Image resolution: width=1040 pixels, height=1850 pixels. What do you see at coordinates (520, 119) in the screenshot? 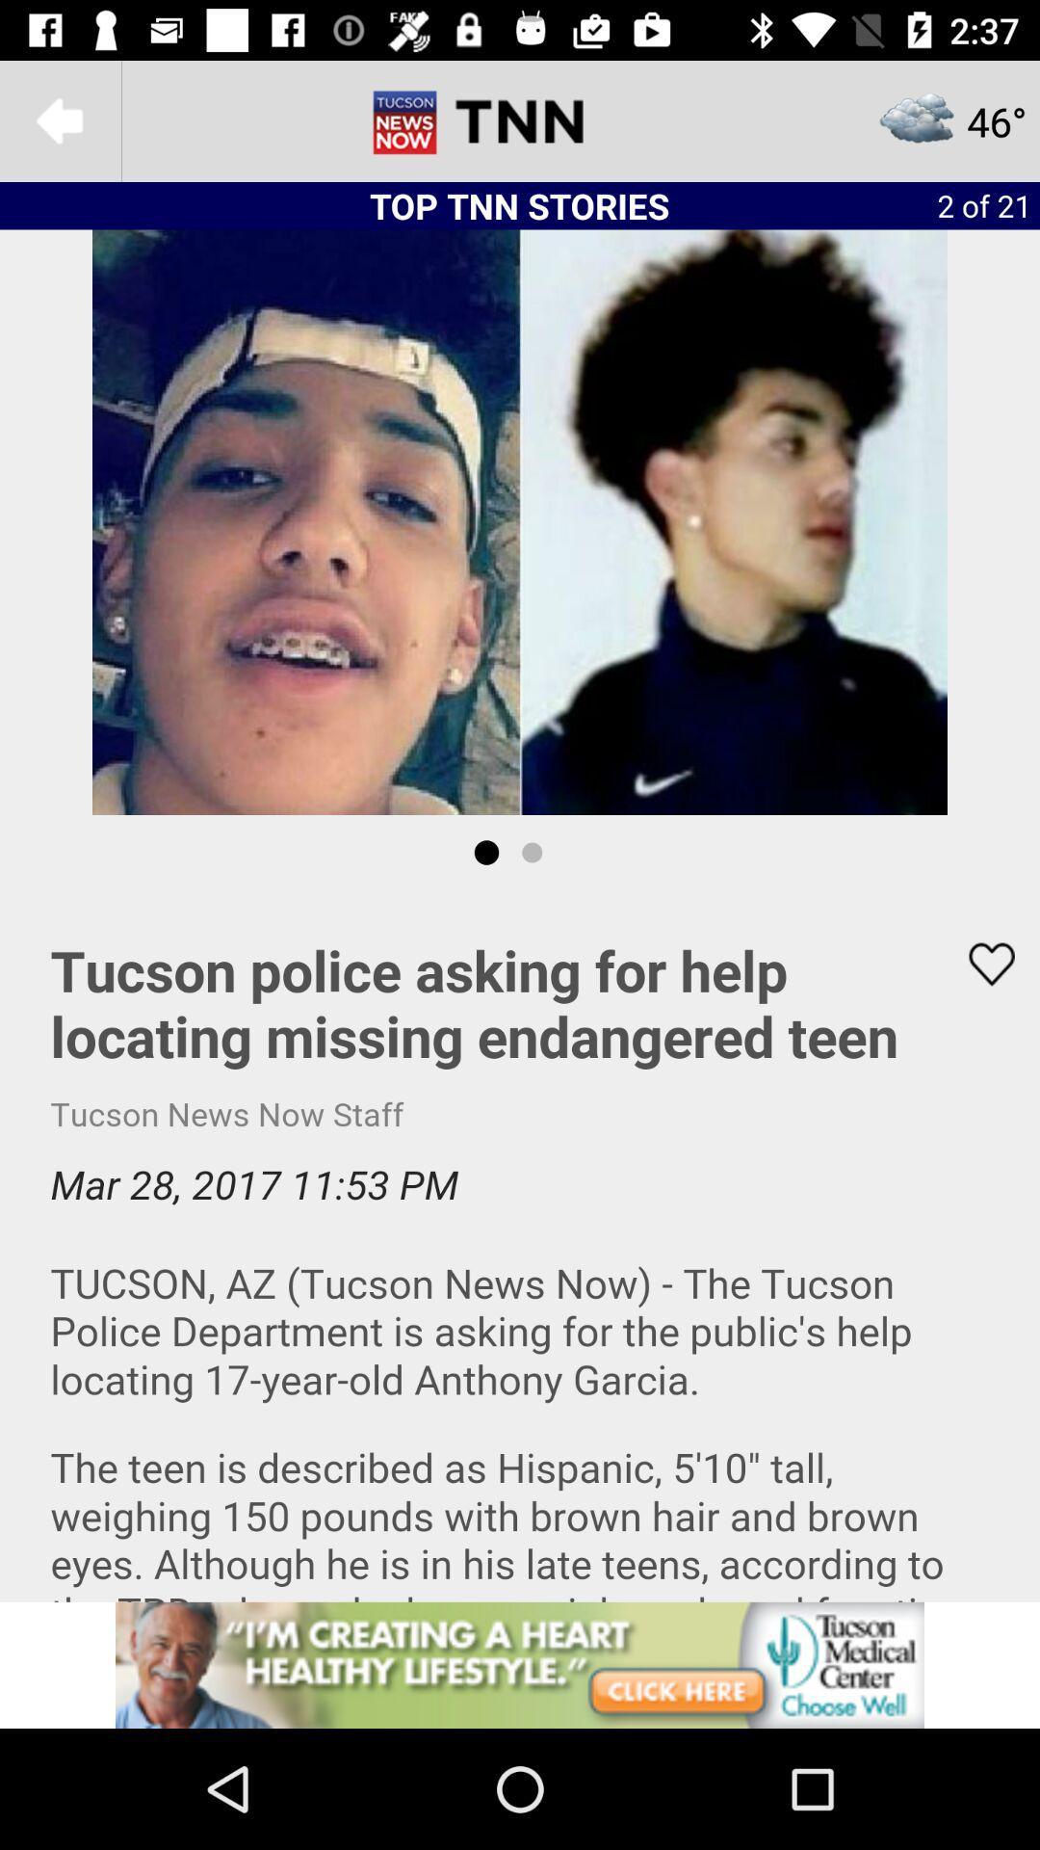
I see `kold news 13` at bounding box center [520, 119].